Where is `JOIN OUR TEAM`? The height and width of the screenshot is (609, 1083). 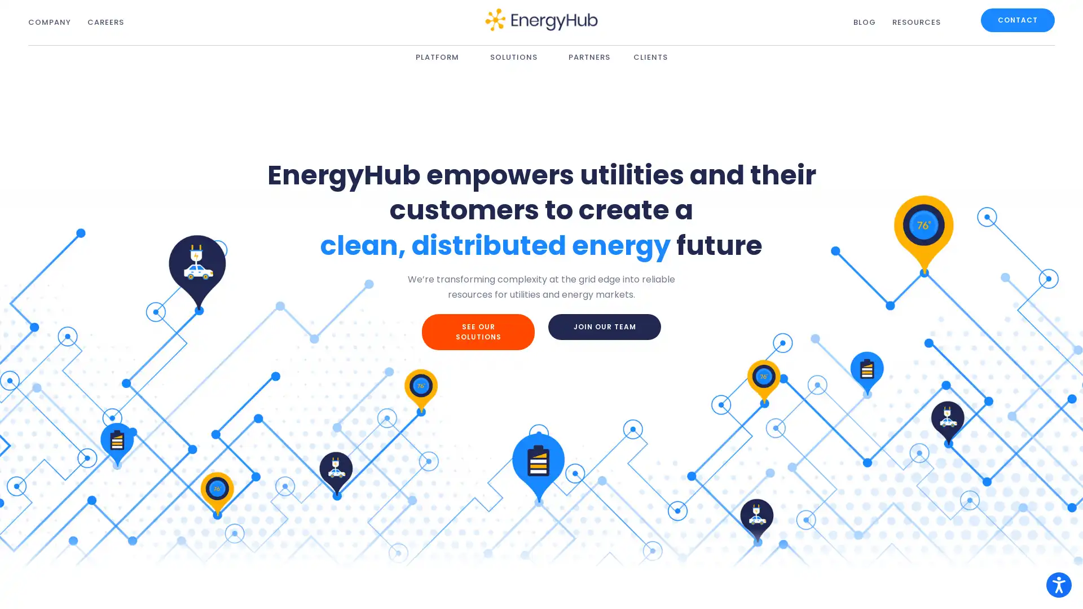
JOIN OUR TEAM is located at coordinates (604, 326).